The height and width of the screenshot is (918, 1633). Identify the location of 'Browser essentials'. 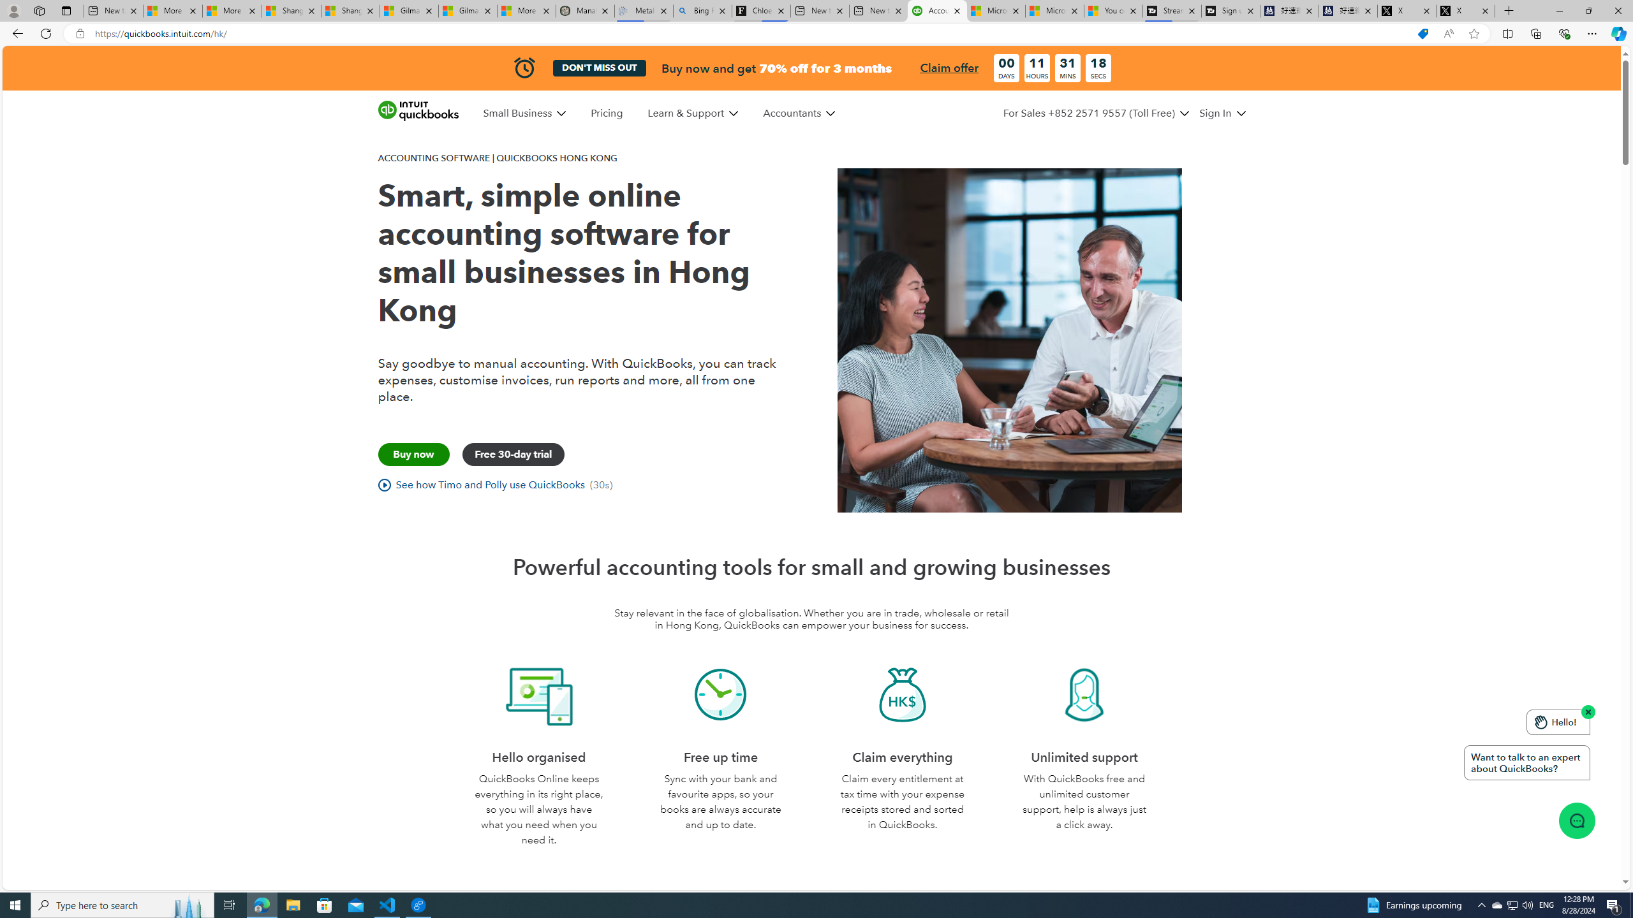
(1563, 33).